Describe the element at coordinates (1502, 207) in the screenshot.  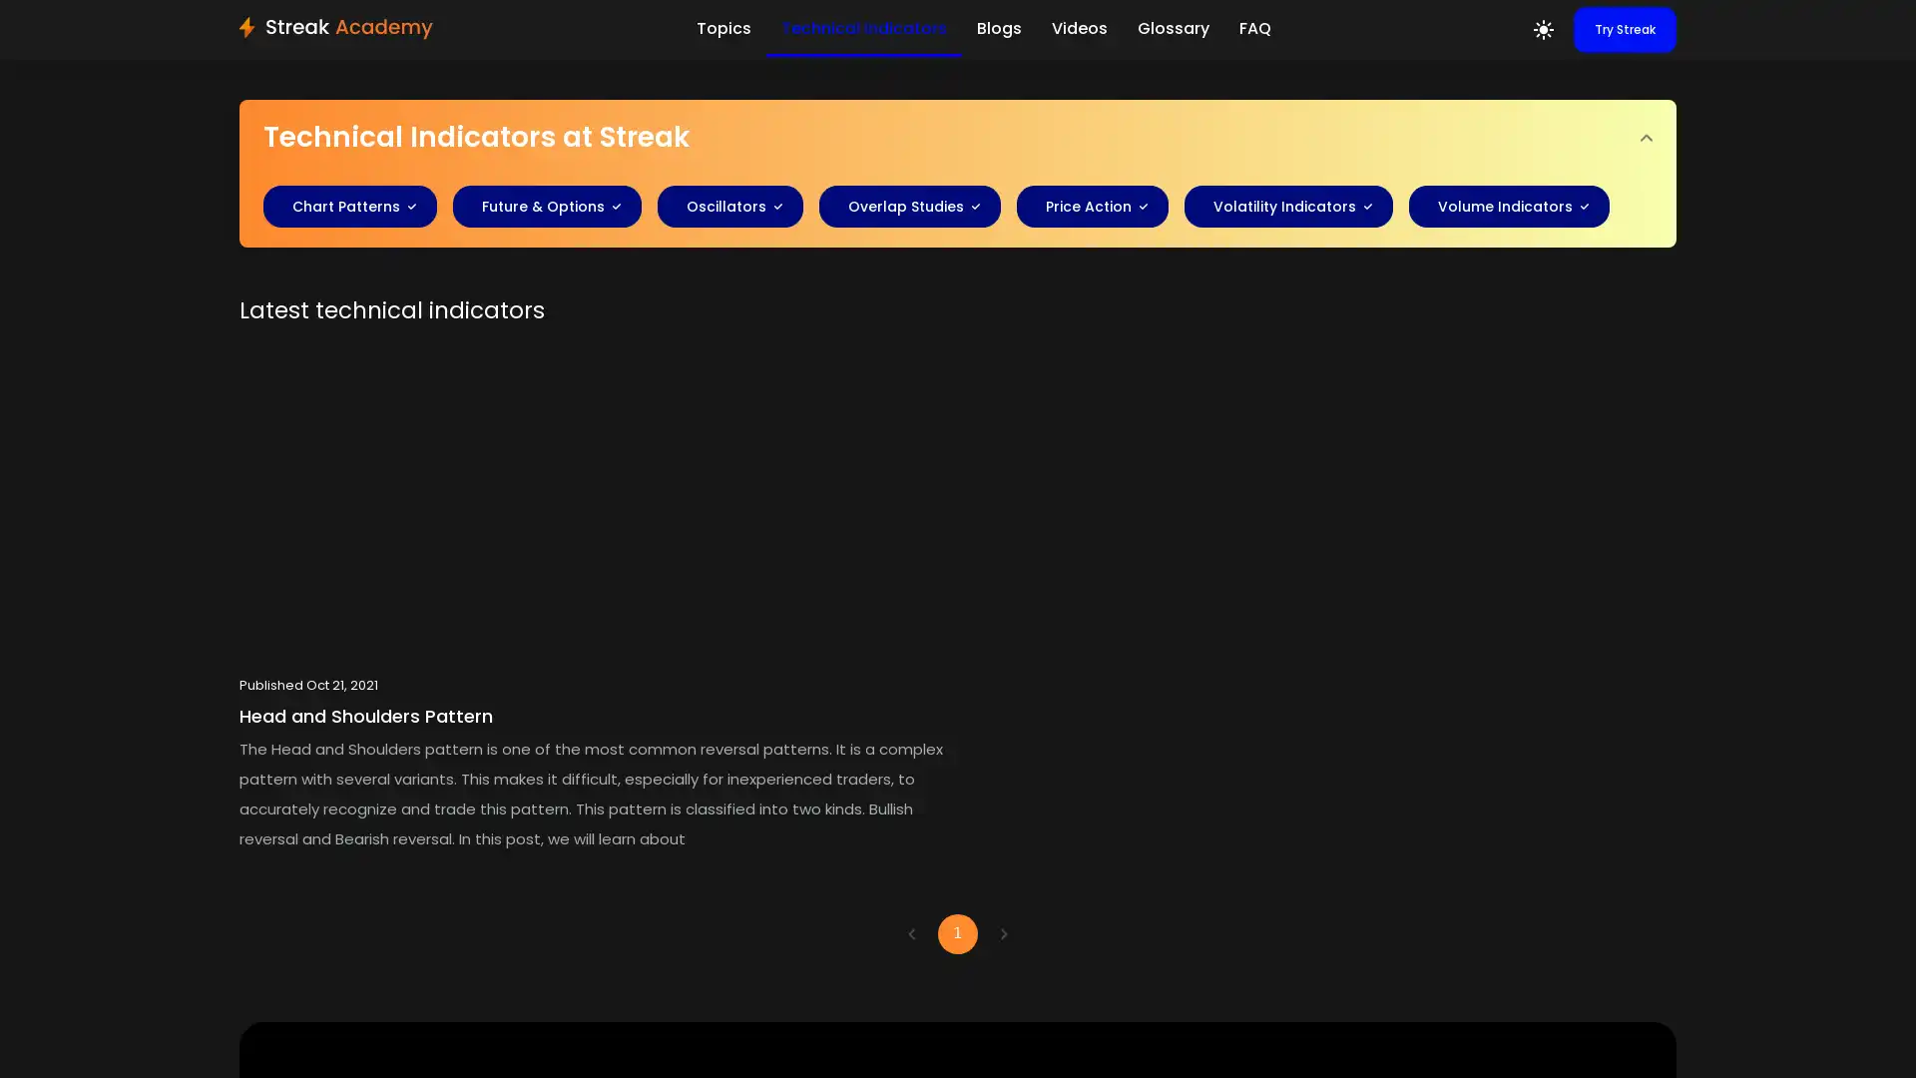
I see `Volume Indicators` at that location.